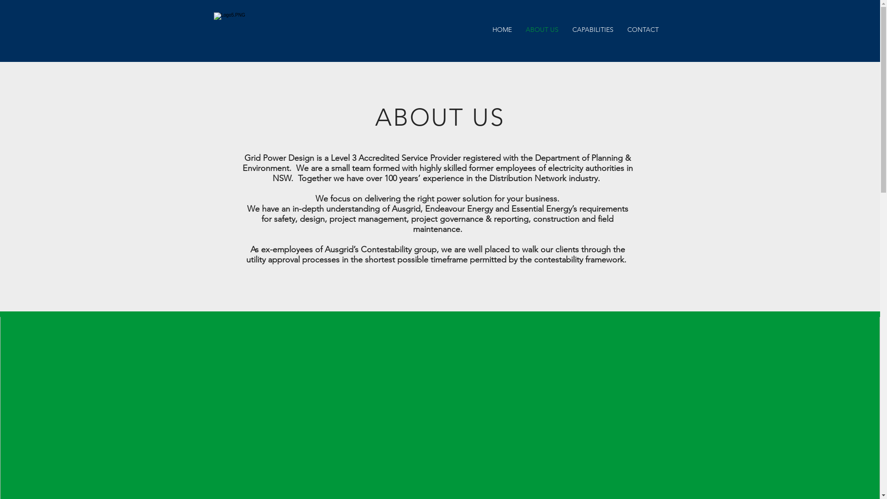 This screenshot has width=887, height=499. Describe the element at coordinates (593, 29) in the screenshot. I see `'CAPABILITIES'` at that location.